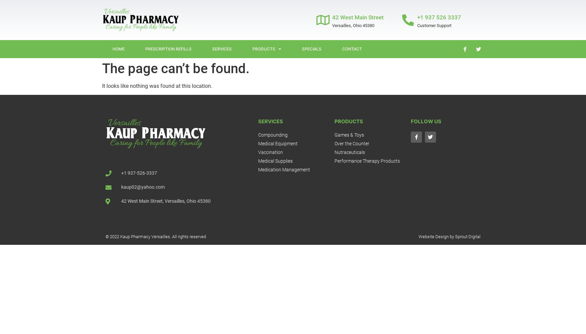 The height and width of the screenshot is (334, 586). What do you see at coordinates (142, 187) in the screenshot?
I see `'kaup02@yahoo.com'` at bounding box center [142, 187].